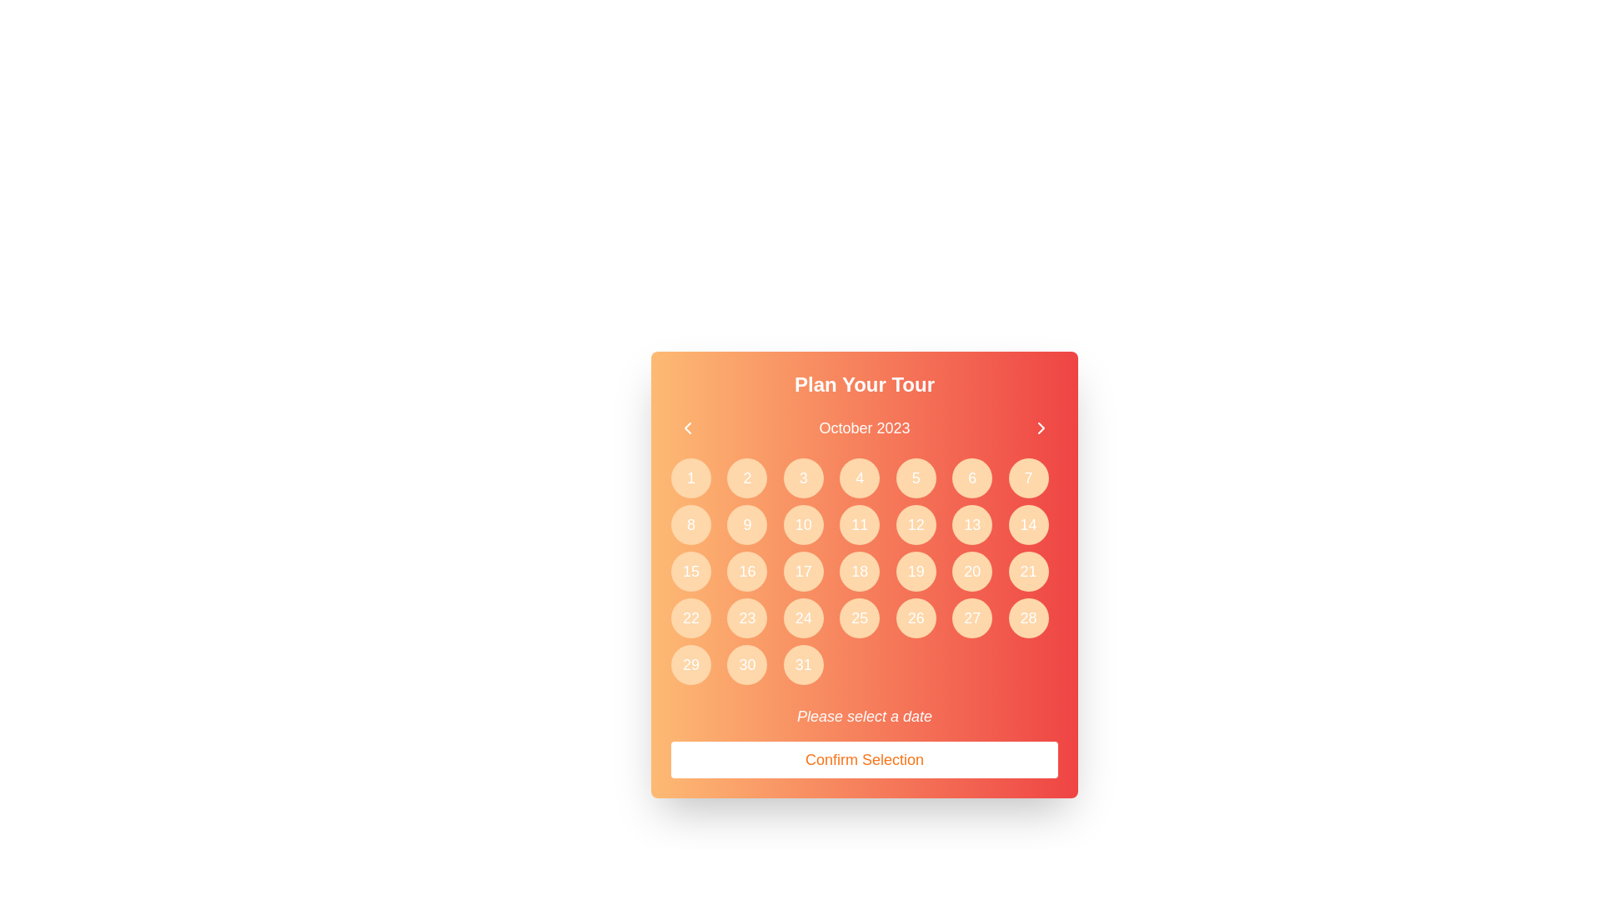  I want to click on the selectable day button in the calendar interface located in the third row and third column of the grid, so click(803, 571).